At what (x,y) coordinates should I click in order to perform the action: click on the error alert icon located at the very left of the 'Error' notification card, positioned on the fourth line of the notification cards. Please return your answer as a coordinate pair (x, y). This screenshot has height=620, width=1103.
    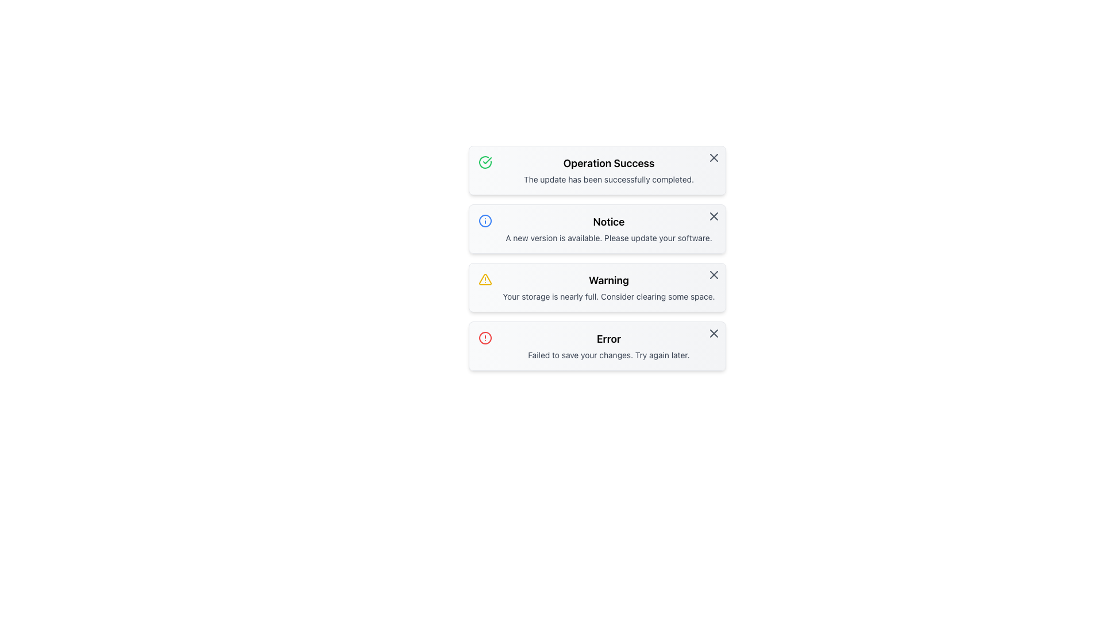
    Looking at the image, I should click on (485, 338).